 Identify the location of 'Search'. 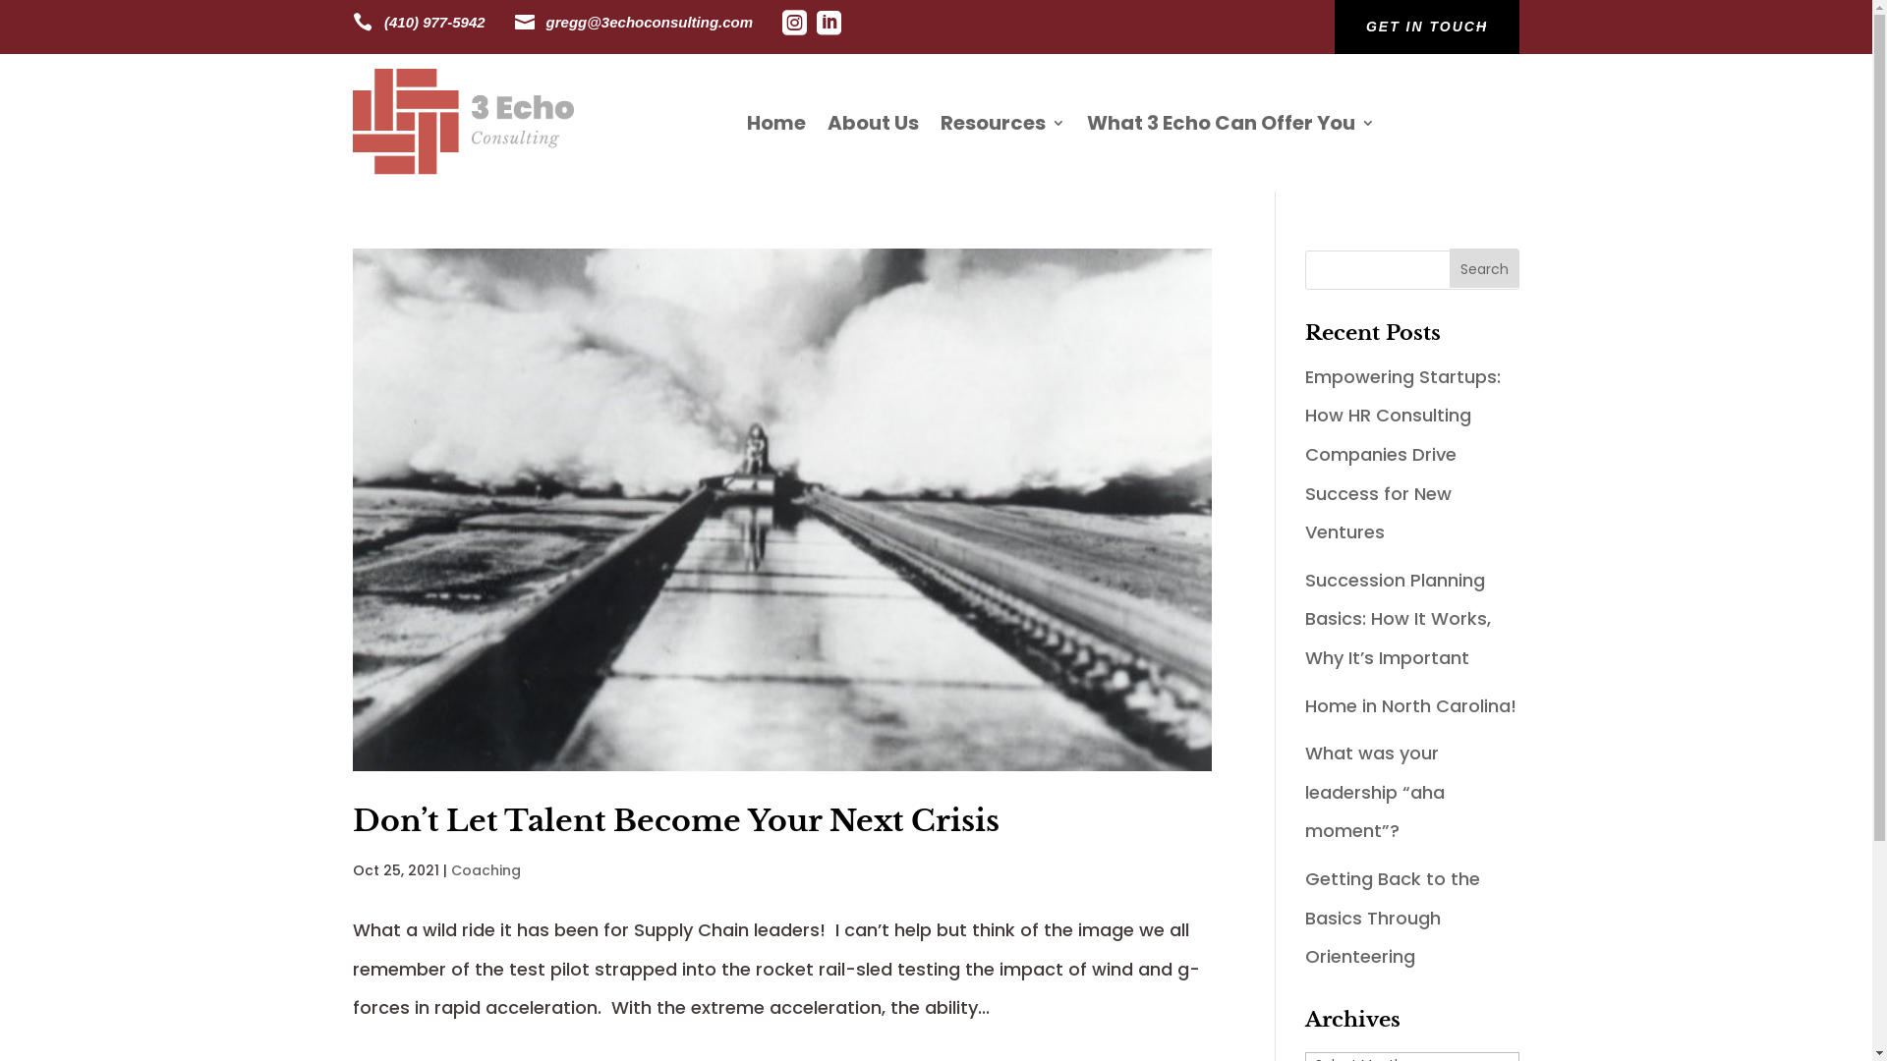
(1484, 268).